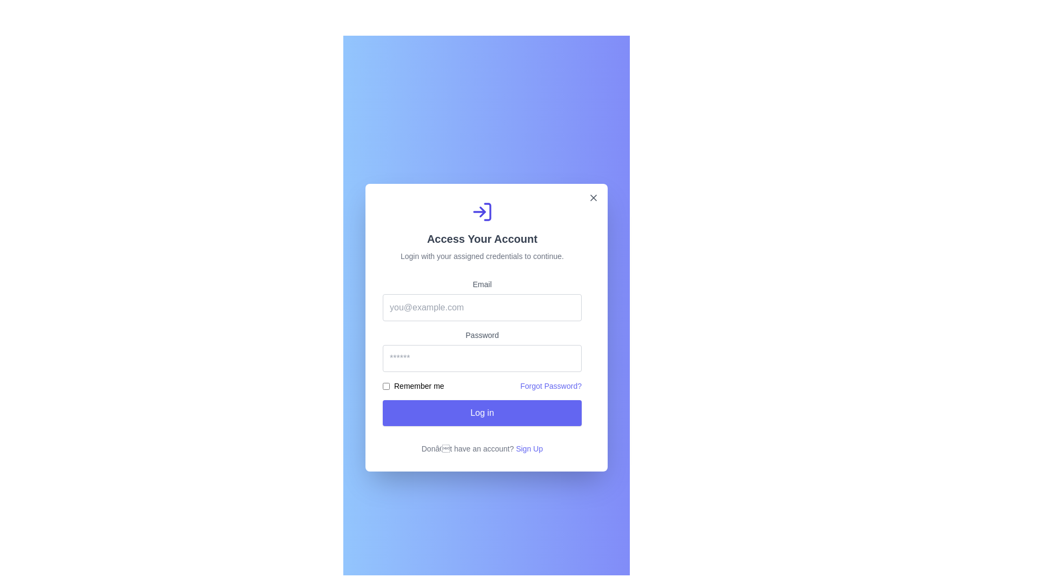 This screenshot has width=1038, height=584. What do you see at coordinates (482, 335) in the screenshot?
I see `the 'Password' label, which is a small, gray-colored text above the password input field in the login form` at bounding box center [482, 335].